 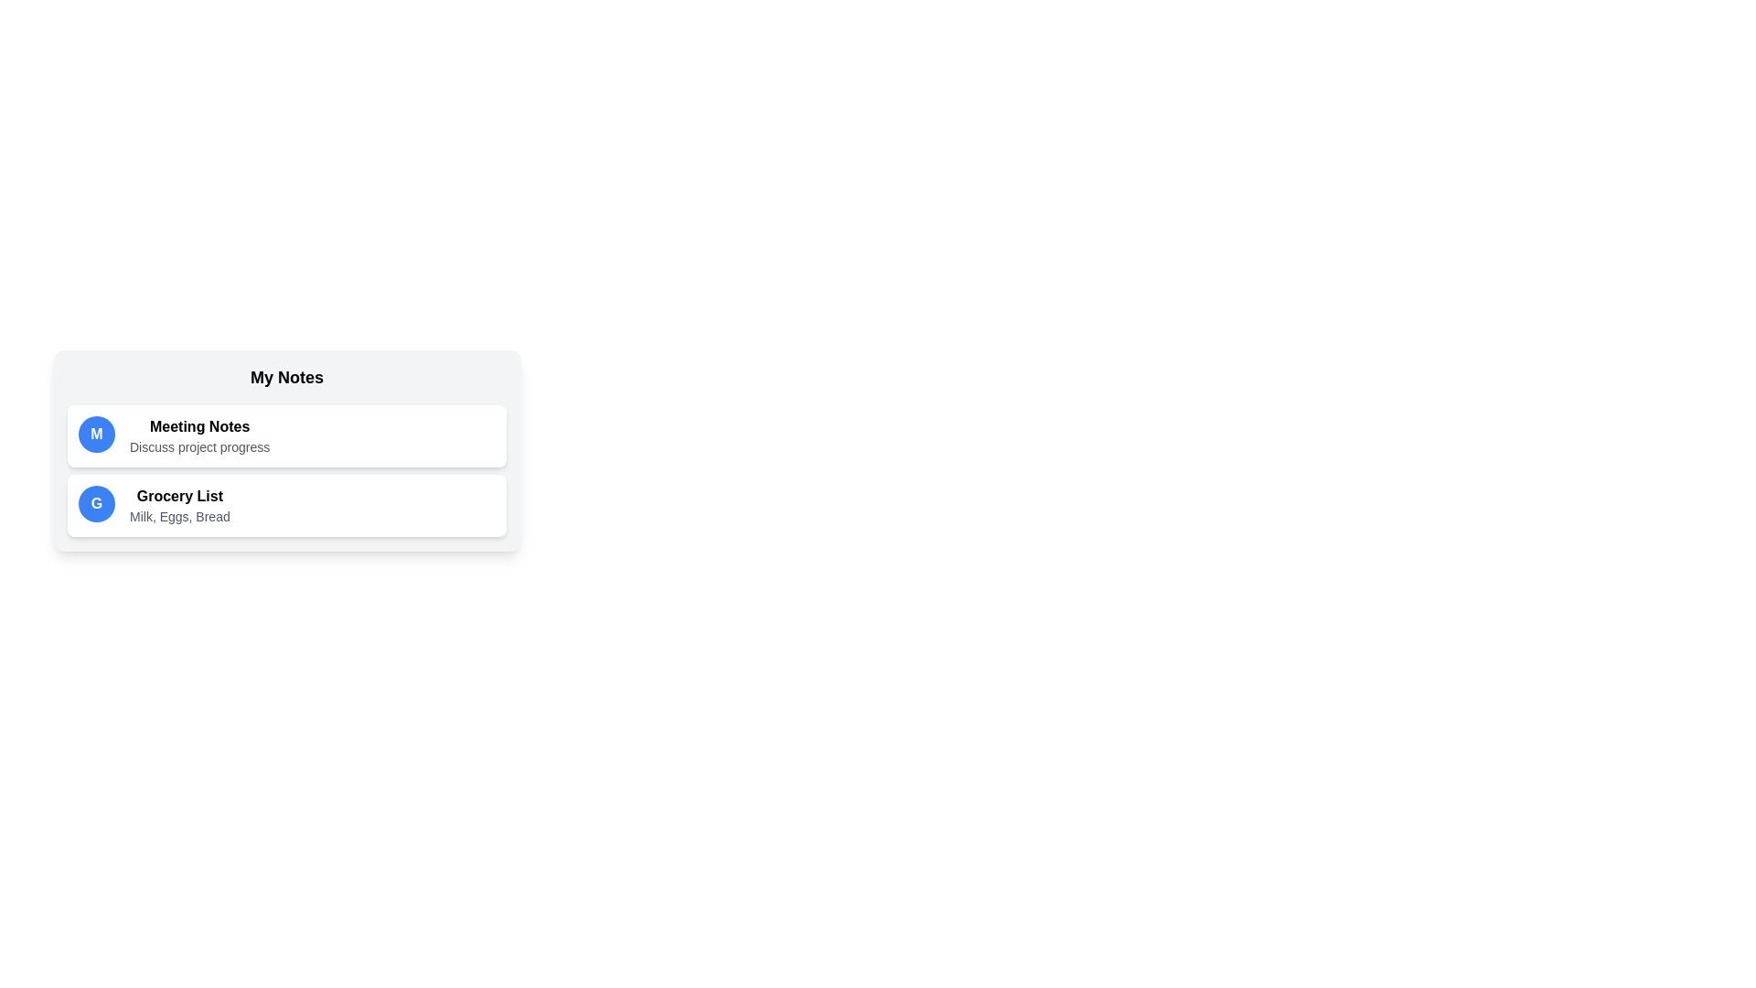 I want to click on the note titled Meeting Notes, so click(x=285, y=436).